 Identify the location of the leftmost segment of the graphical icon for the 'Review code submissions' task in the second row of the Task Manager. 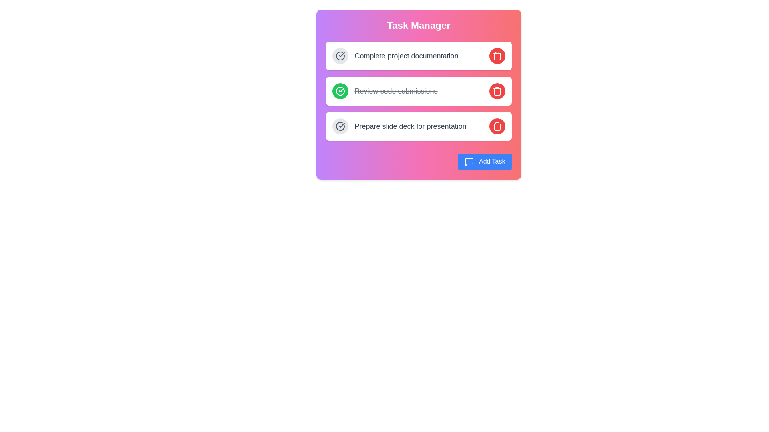
(340, 90).